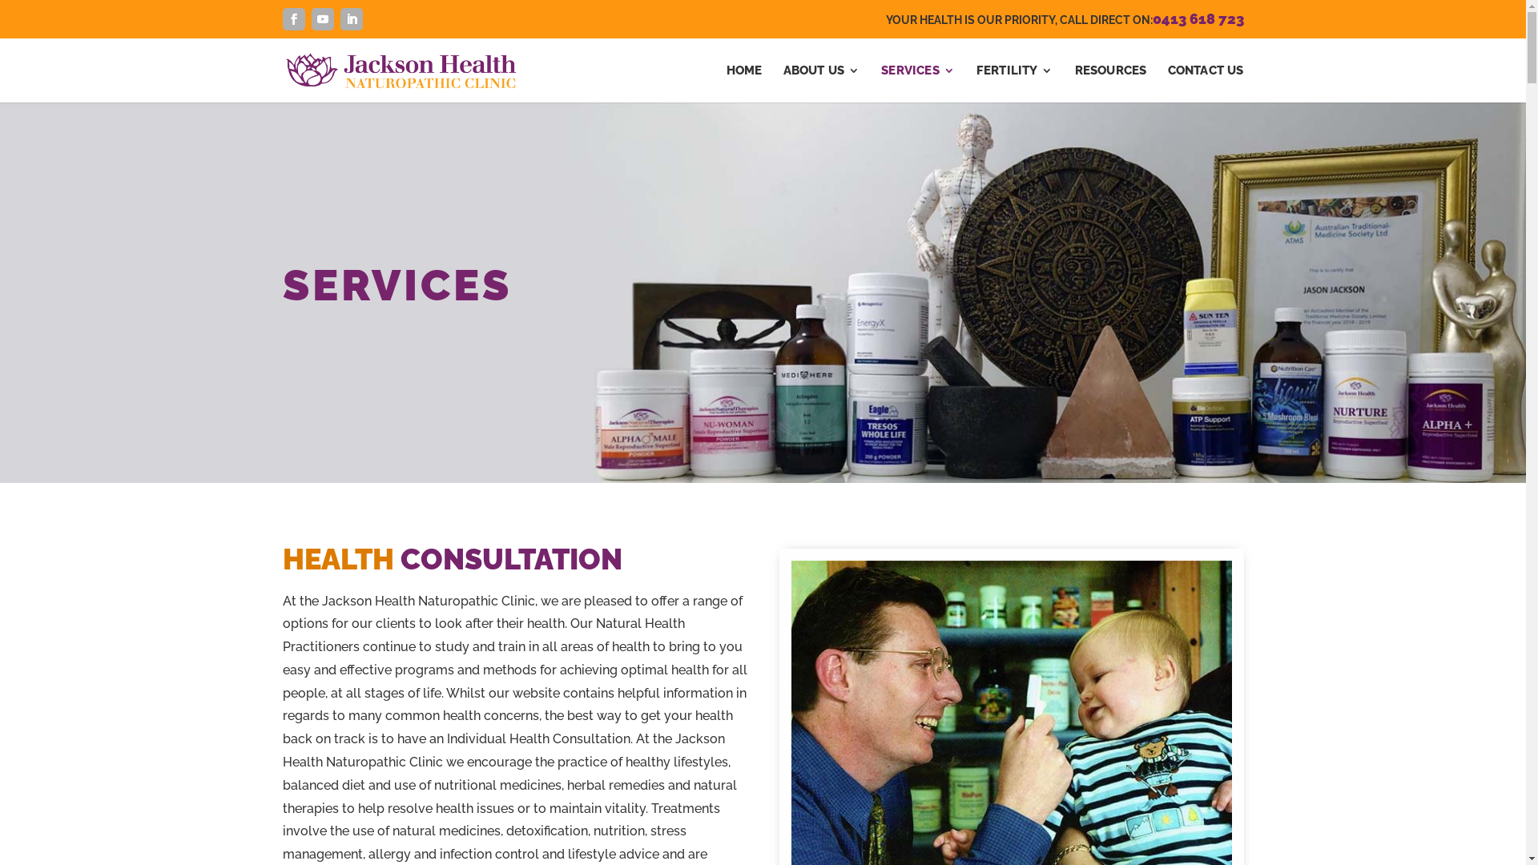 This screenshot has width=1538, height=865. Describe the element at coordinates (1014, 83) in the screenshot. I see `'FERTILITY'` at that location.